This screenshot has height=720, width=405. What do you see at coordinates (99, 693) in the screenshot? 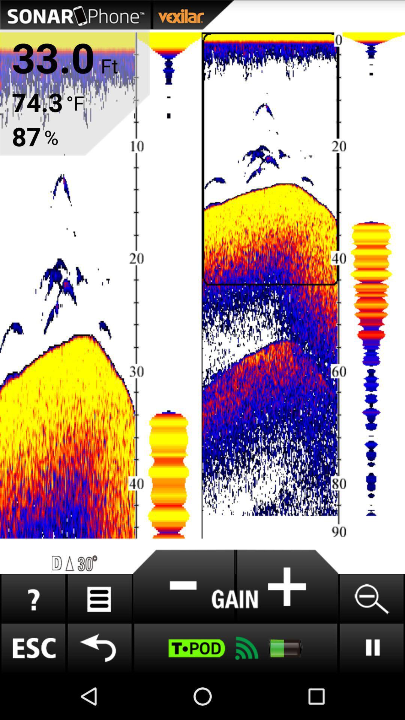
I see `the undo icon` at bounding box center [99, 693].